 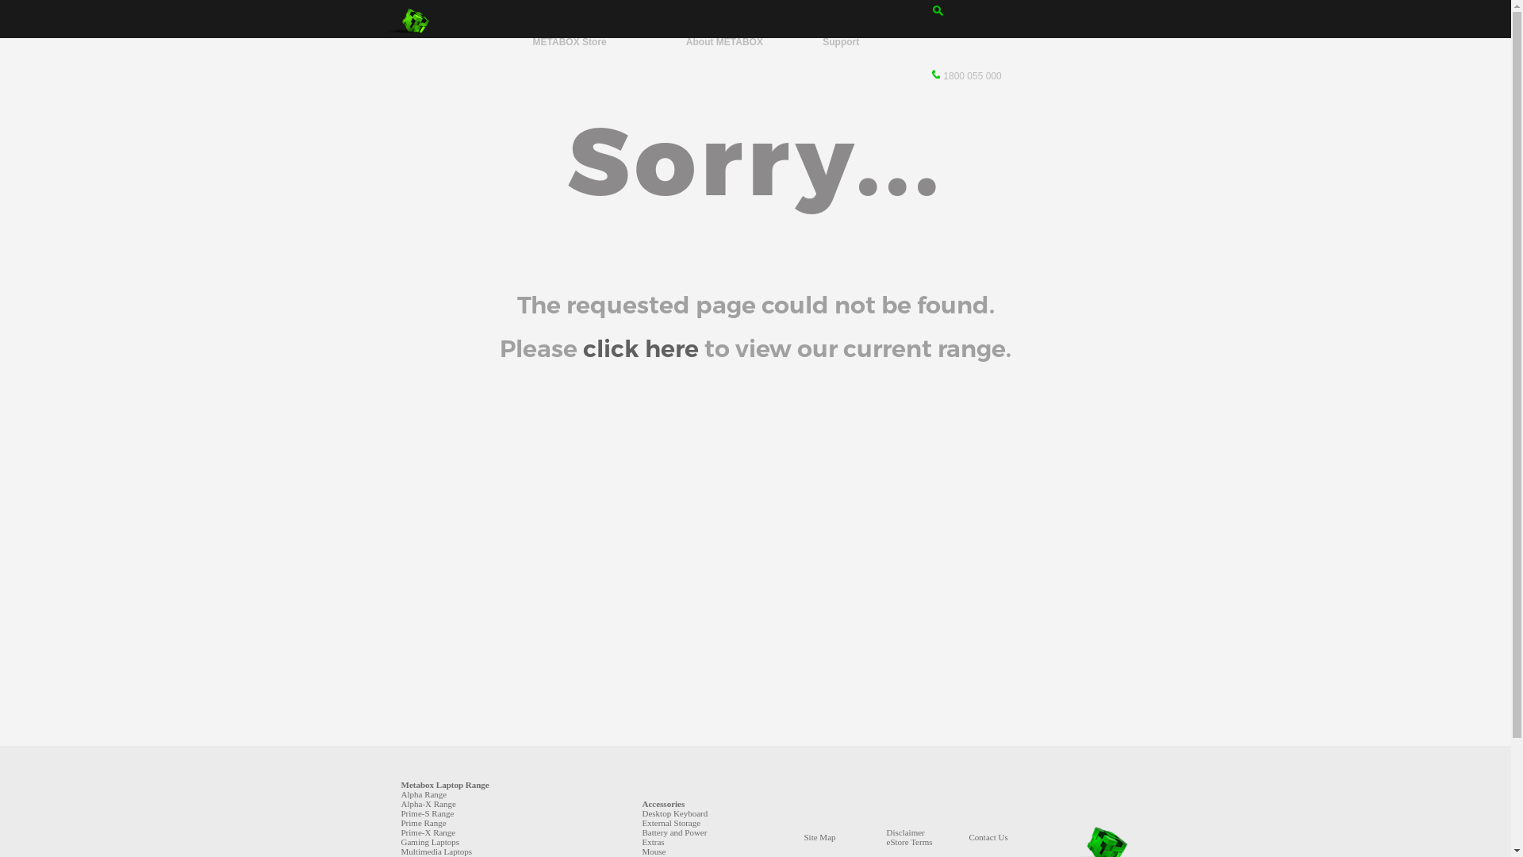 I want to click on 'click here', so click(x=640, y=348).